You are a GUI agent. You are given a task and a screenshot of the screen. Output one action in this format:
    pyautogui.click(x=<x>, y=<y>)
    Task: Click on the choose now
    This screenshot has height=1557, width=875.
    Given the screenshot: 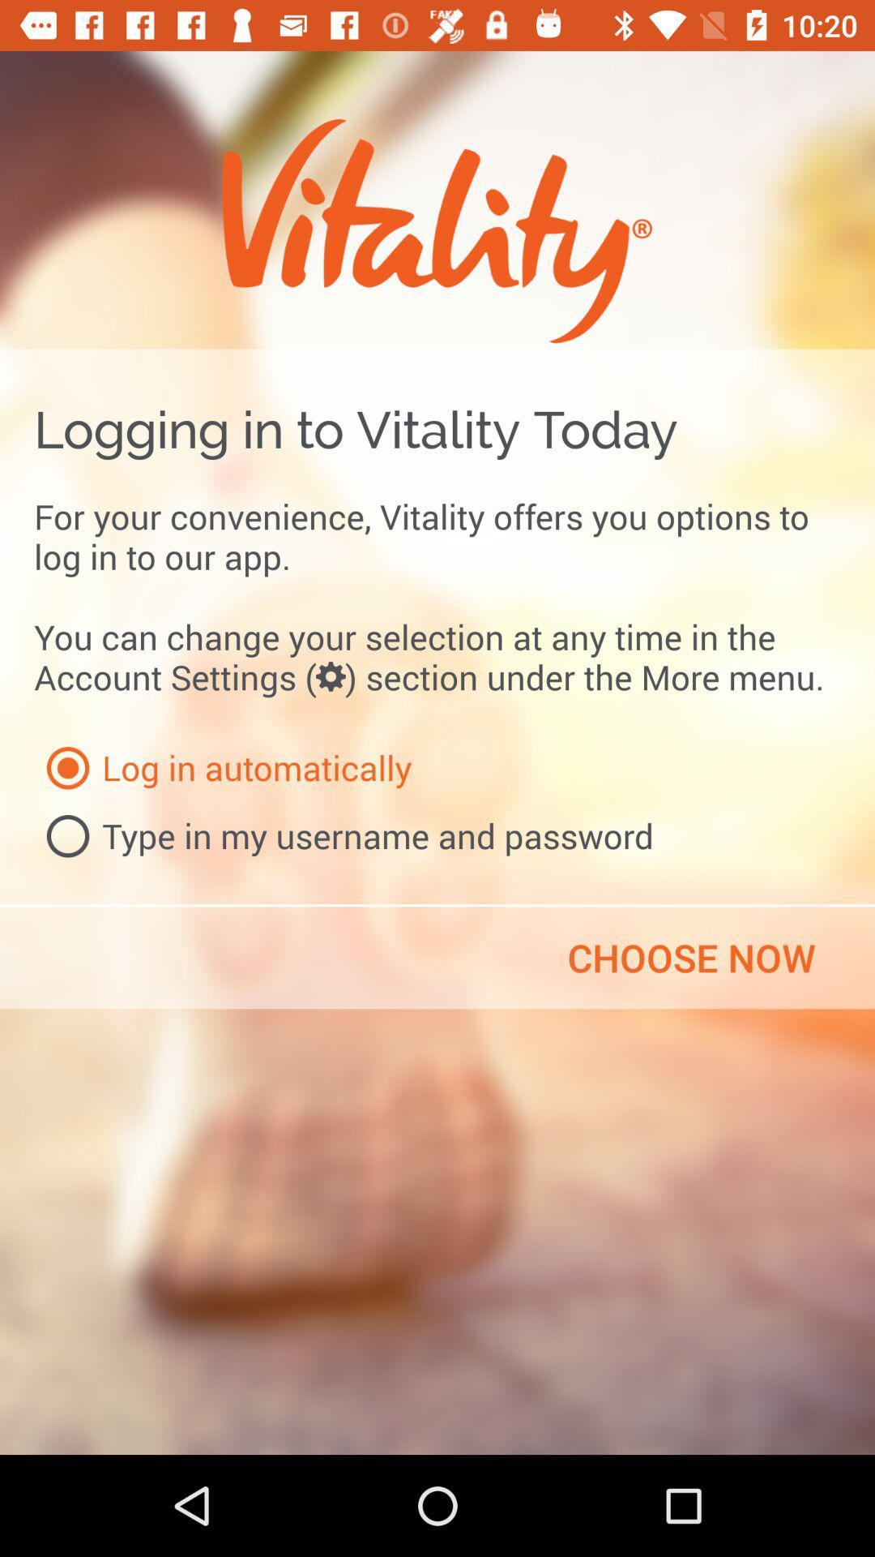 What is the action you would take?
    pyautogui.click(x=691, y=958)
    